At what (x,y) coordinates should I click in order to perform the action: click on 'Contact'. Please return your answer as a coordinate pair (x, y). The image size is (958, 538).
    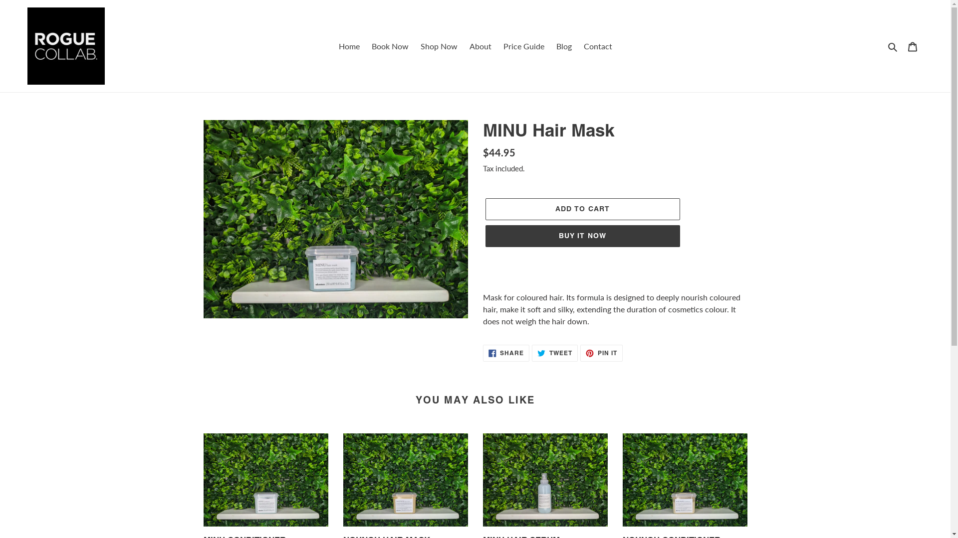
    Looking at the image, I should click on (598, 46).